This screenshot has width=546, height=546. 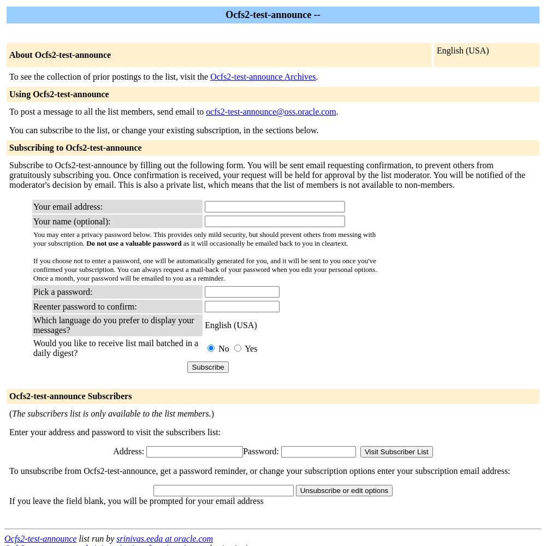 What do you see at coordinates (33, 269) in the screenshot?
I see `'If you choose not to enter a password, one will be
            automatically generated for you, and it will be sent to
            you once you've confirmed your subscription.  You can
            always request a mail-back of your password when you edit
            your personal options.
	    Once a month, your password will be emailed to you as a reminder.'` at bounding box center [33, 269].